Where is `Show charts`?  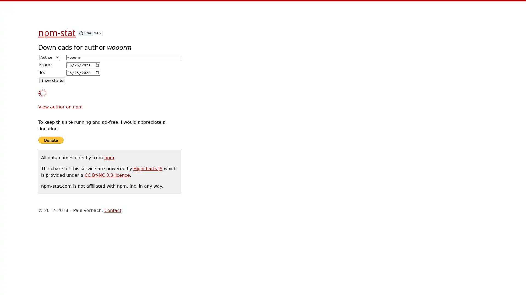
Show charts is located at coordinates (52, 80).